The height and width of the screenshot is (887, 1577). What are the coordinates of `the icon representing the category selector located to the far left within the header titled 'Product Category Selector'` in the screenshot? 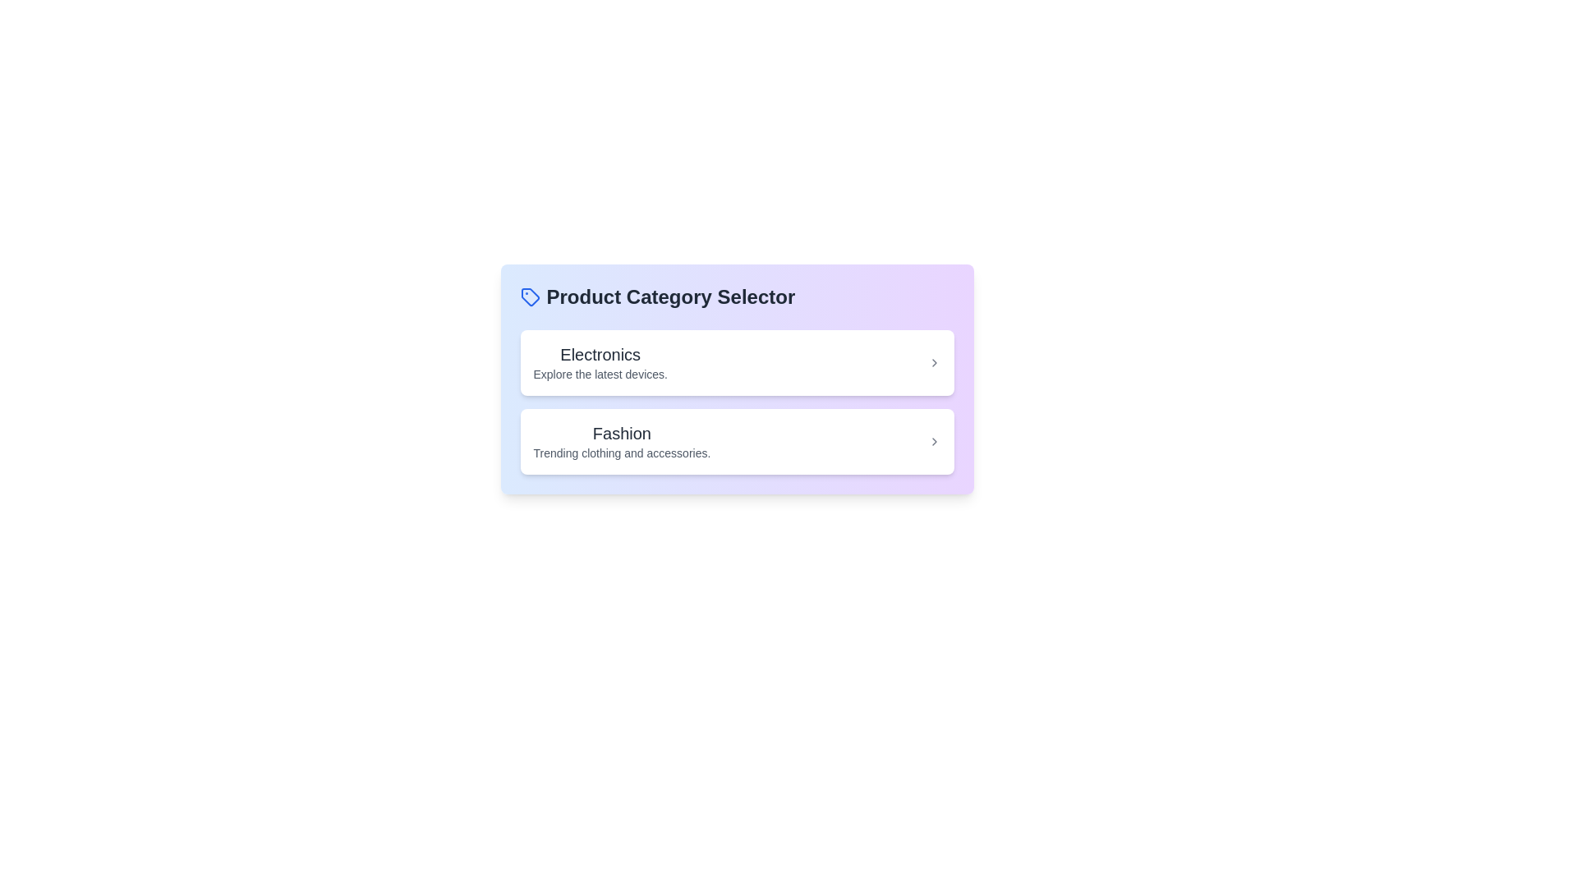 It's located at (530, 297).